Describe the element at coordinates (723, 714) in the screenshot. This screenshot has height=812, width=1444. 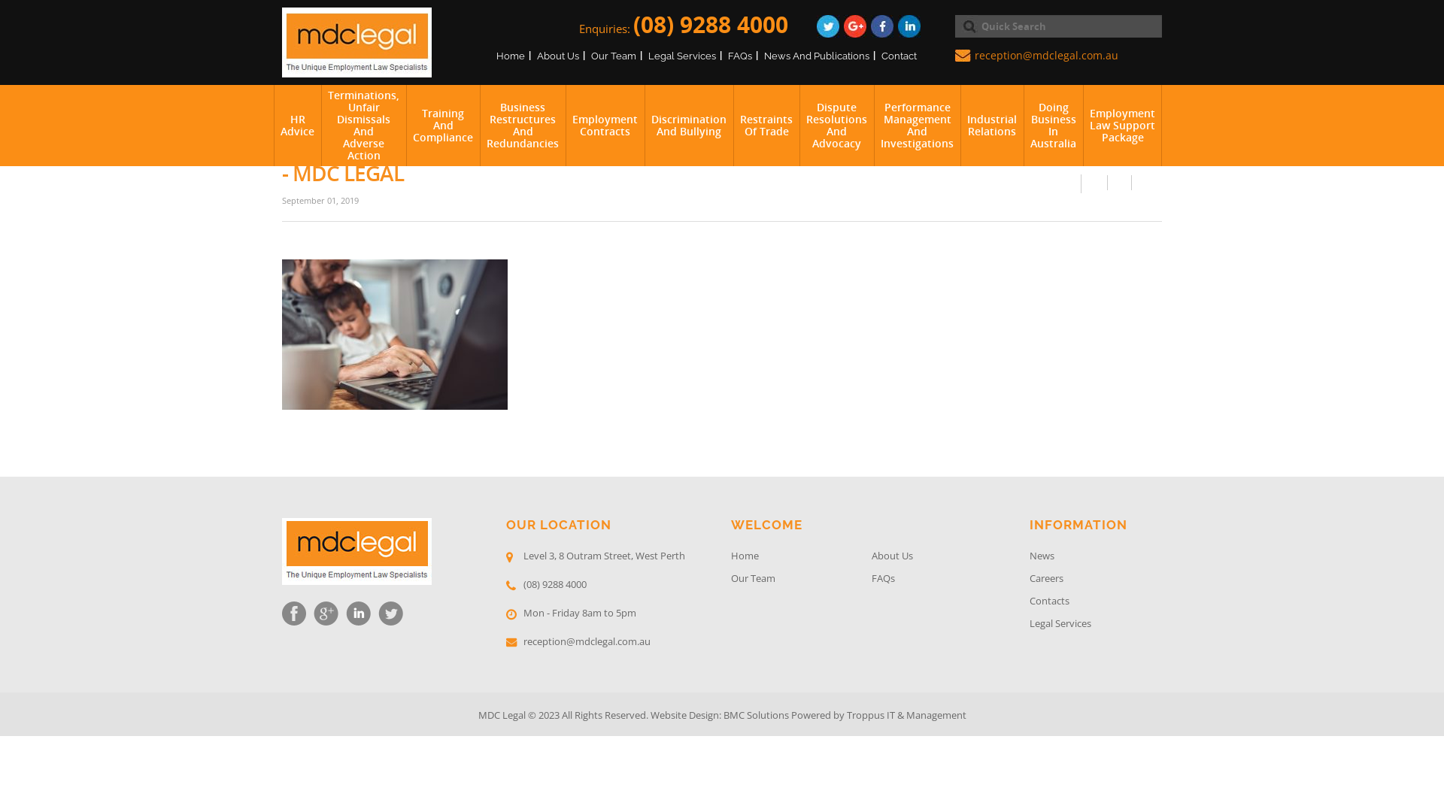
I see `'BMC Solutions'` at that location.